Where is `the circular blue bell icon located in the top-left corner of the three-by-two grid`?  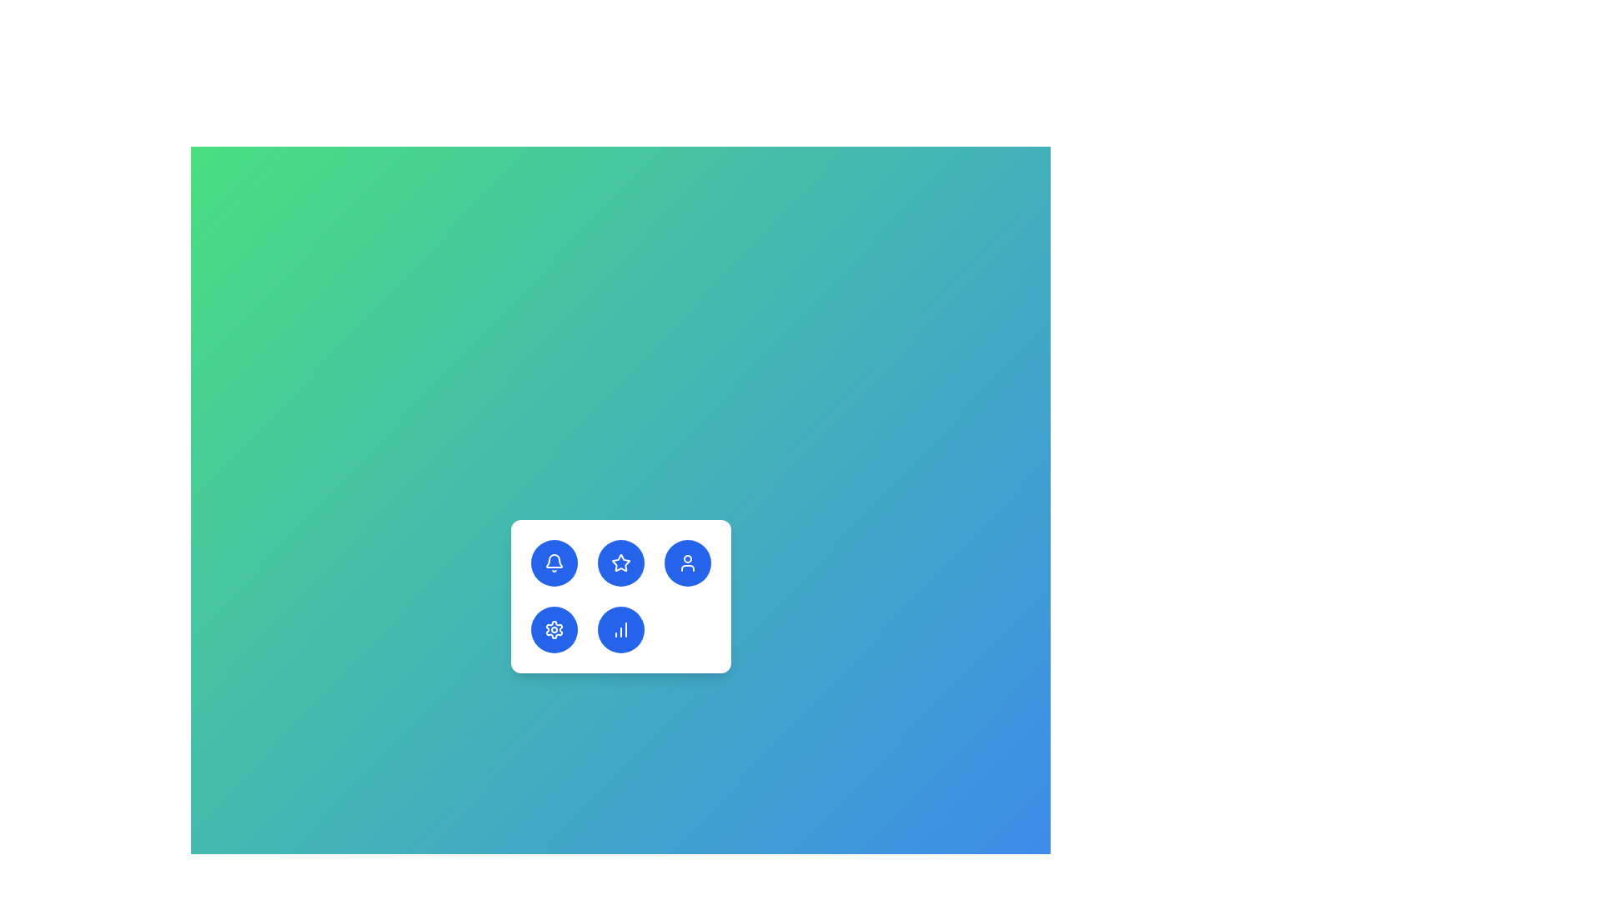 the circular blue bell icon located in the top-left corner of the three-by-two grid is located at coordinates (554, 562).